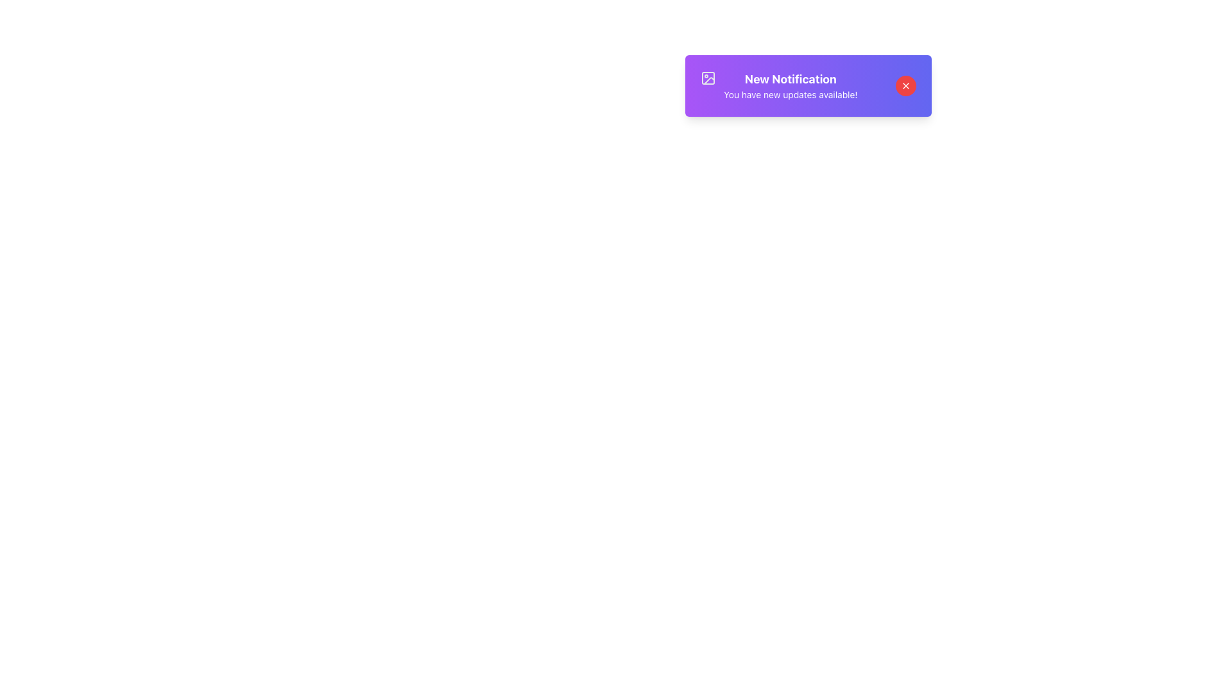  Describe the element at coordinates (778, 86) in the screenshot. I see `the 'New Notification' Text Display with Icon, which includes the bold text and an accompanying icon on the left side` at that location.